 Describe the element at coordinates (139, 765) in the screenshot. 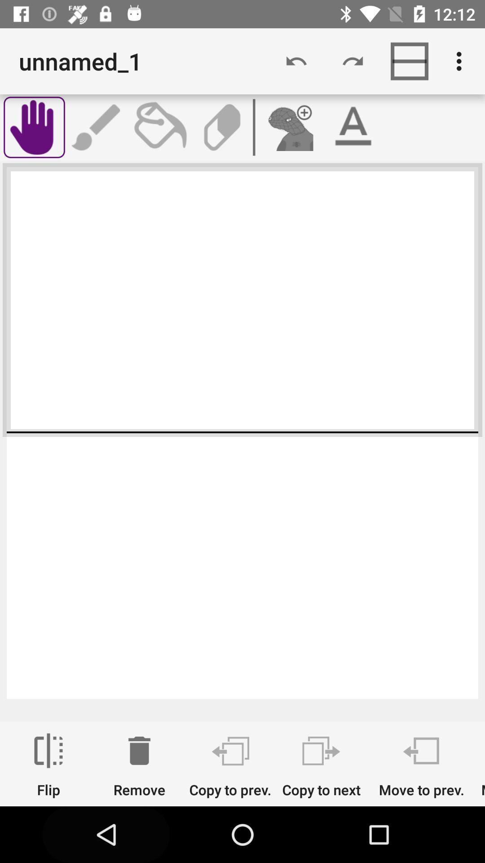

I see `the item to the left of the copy to prev. item` at that location.